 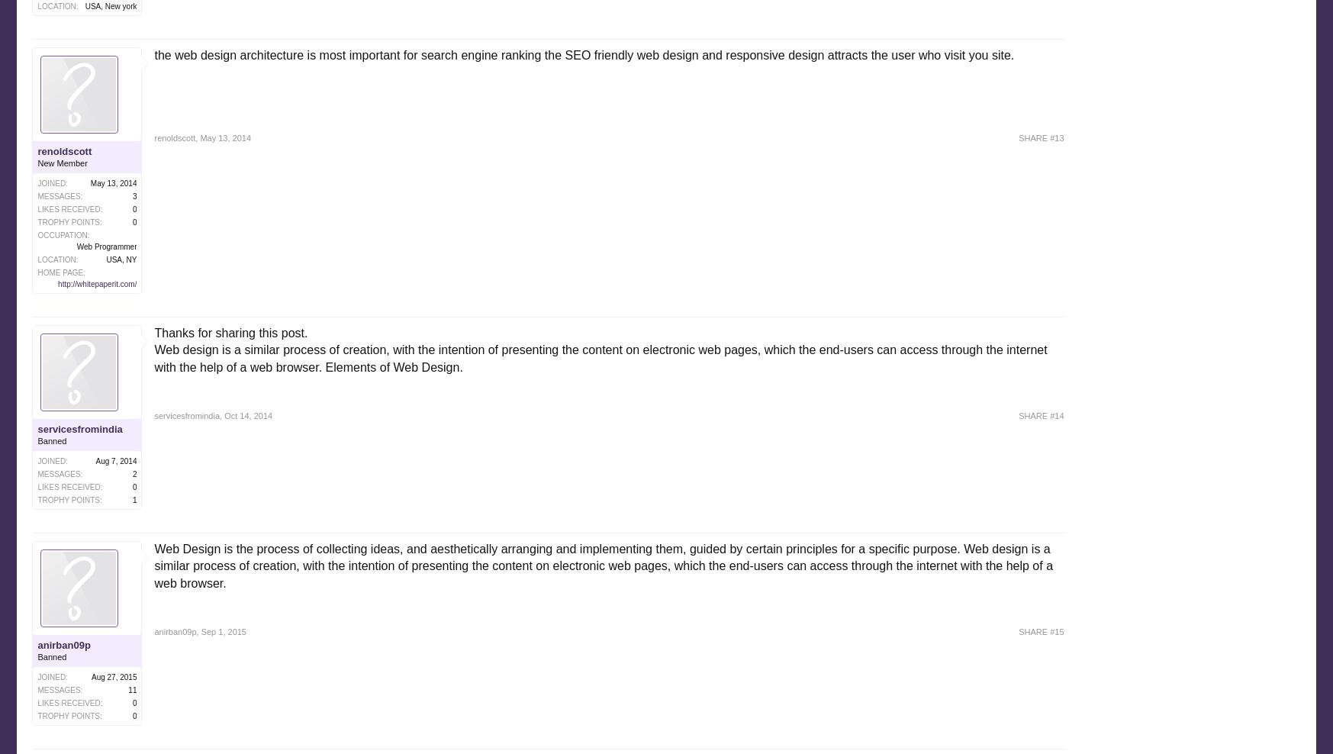 I want to click on 'USA, NY', so click(x=121, y=259).